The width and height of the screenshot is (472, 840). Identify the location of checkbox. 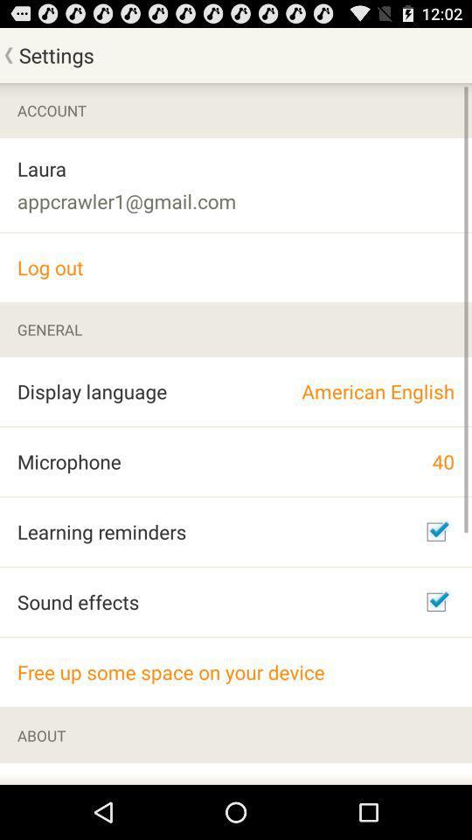
(435, 530).